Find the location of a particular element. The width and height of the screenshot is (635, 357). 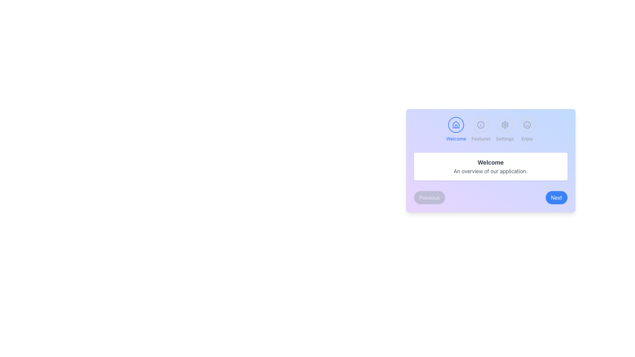

the 'Welcome' IconButton in the navigation menu for keyboard navigation is located at coordinates (456, 125).